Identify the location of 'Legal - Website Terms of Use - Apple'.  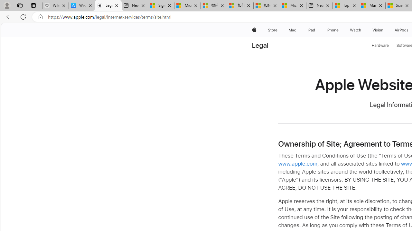
(108, 5).